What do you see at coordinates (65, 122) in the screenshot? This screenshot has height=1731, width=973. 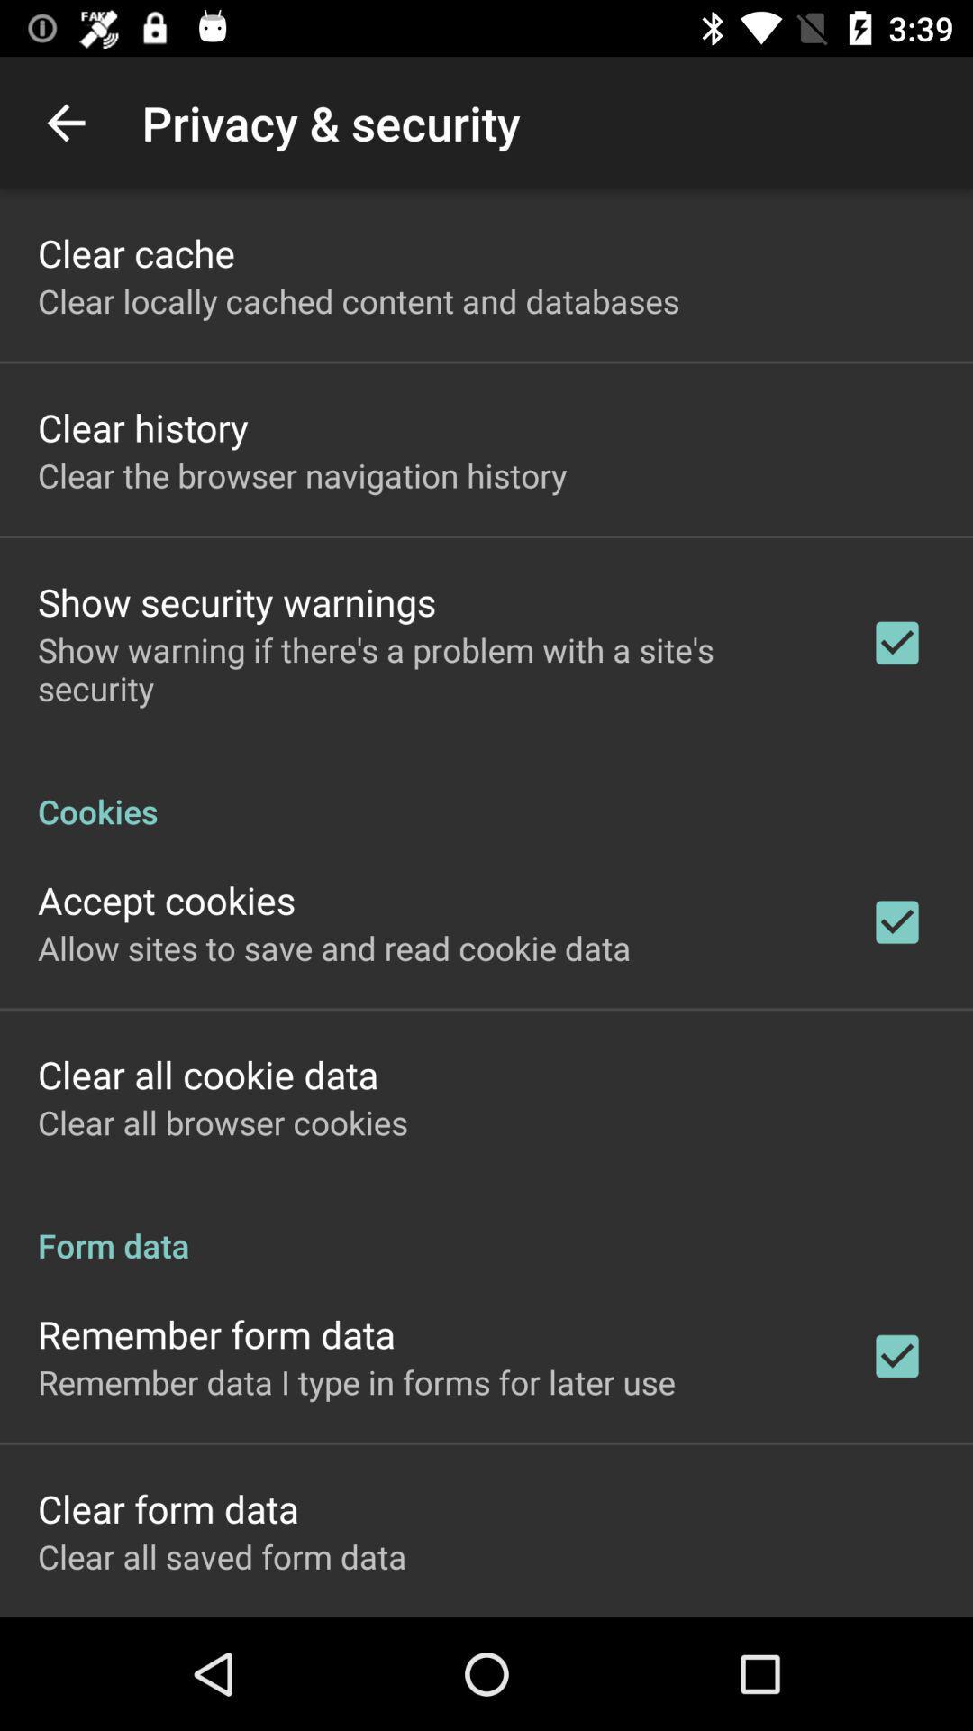 I see `icon next to the privacy & security icon` at bounding box center [65, 122].